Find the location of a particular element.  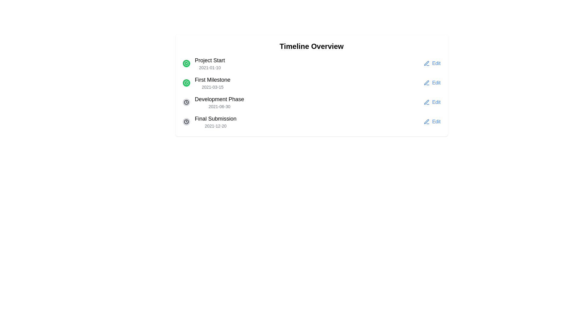

the text label displaying 'Development Phase' and '2021-06-30', which is the third milestone in the 'Timeline Overview' section is located at coordinates (219, 102).